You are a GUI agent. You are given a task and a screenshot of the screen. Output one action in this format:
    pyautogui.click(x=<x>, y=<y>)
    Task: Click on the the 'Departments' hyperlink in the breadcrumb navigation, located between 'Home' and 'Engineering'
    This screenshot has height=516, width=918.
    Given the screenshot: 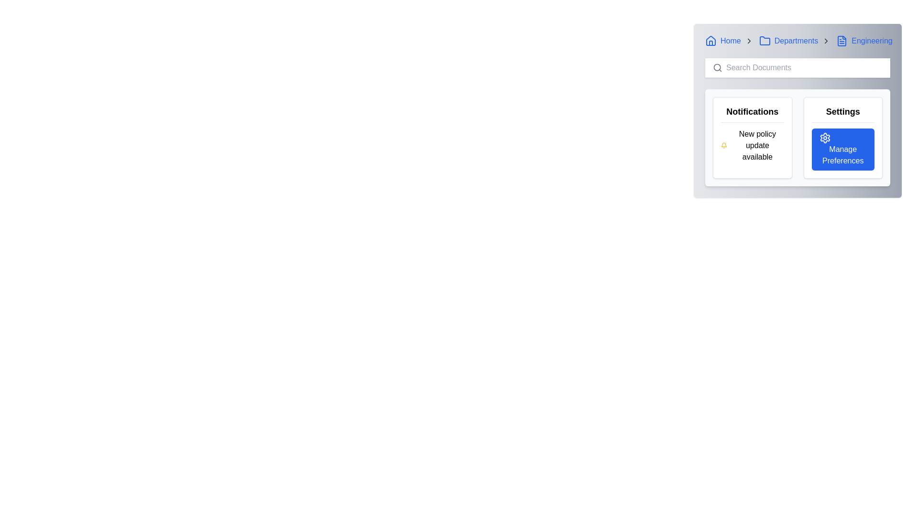 What is the action you would take?
    pyautogui.click(x=795, y=40)
    